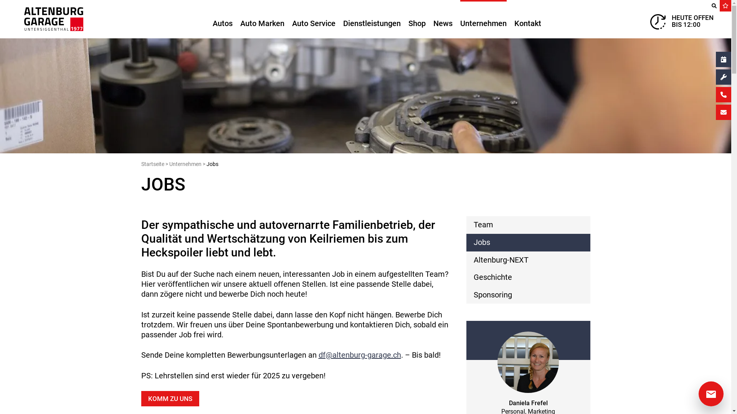 Image resolution: width=737 pixels, height=414 pixels. What do you see at coordinates (527, 278) in the screenshot?
I see `'Geschichte'` at bounding box center [527, 278].